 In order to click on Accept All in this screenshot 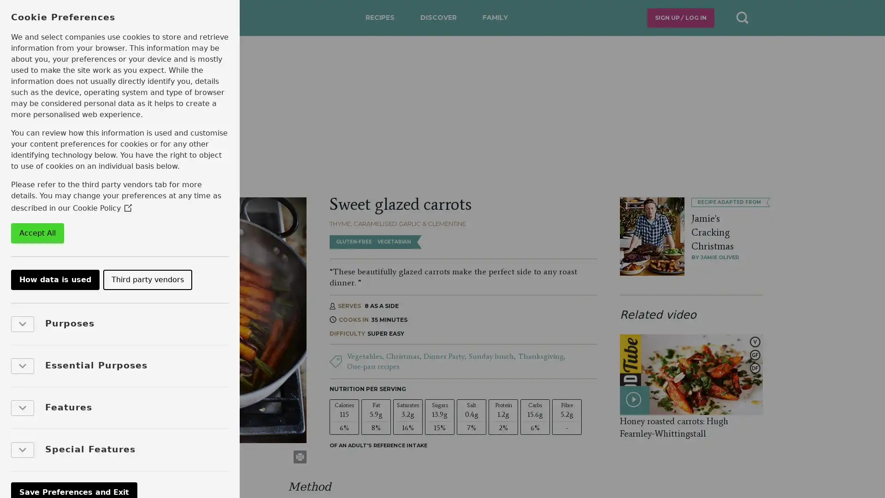, I will do `click(37, 232)`.